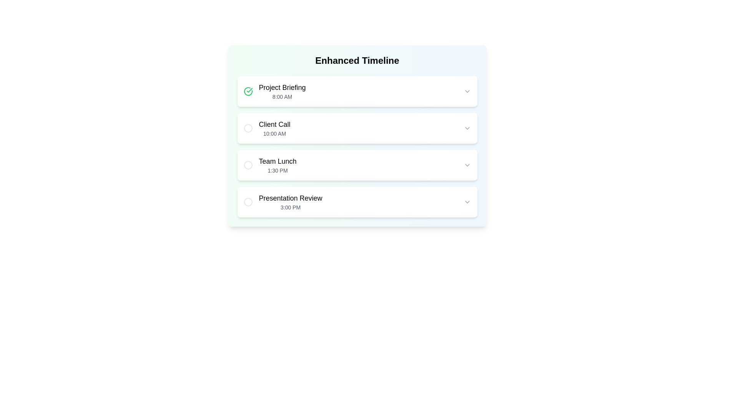 The height and width of the screenshot is (415, 738). I want to click on the static text label that serves as the title for the fourth list item in the timeline component, which is located above the time indicator '3:00 PM', so click(290, 198).